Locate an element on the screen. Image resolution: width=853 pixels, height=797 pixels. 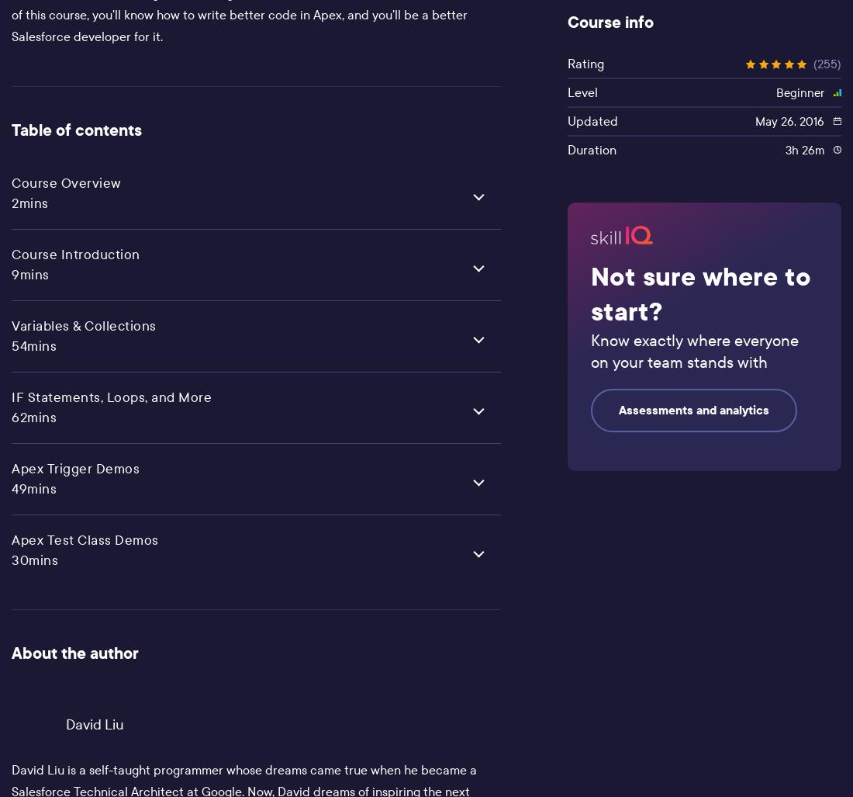
'9mins' is located at coordinates (10, 273).